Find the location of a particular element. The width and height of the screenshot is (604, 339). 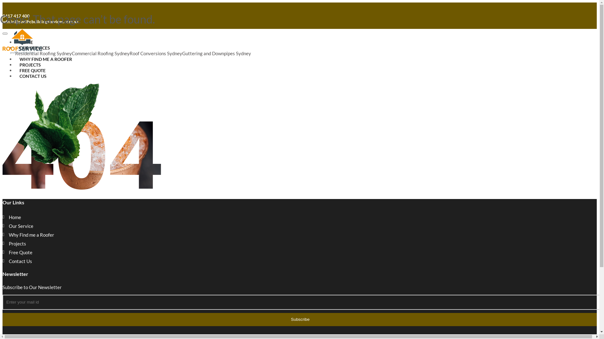

'Free Quote' is located at coordinates (20, 252).